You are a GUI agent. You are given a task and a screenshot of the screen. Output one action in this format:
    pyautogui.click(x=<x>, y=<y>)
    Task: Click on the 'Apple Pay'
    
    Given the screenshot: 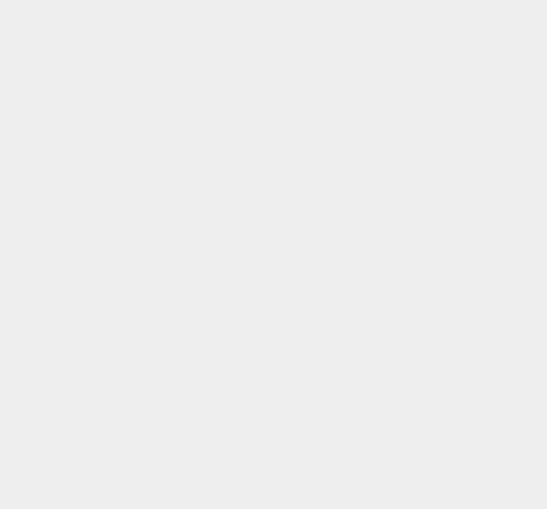 What is the action you would take?
    pyautogui.click(x=400, y=77)
    